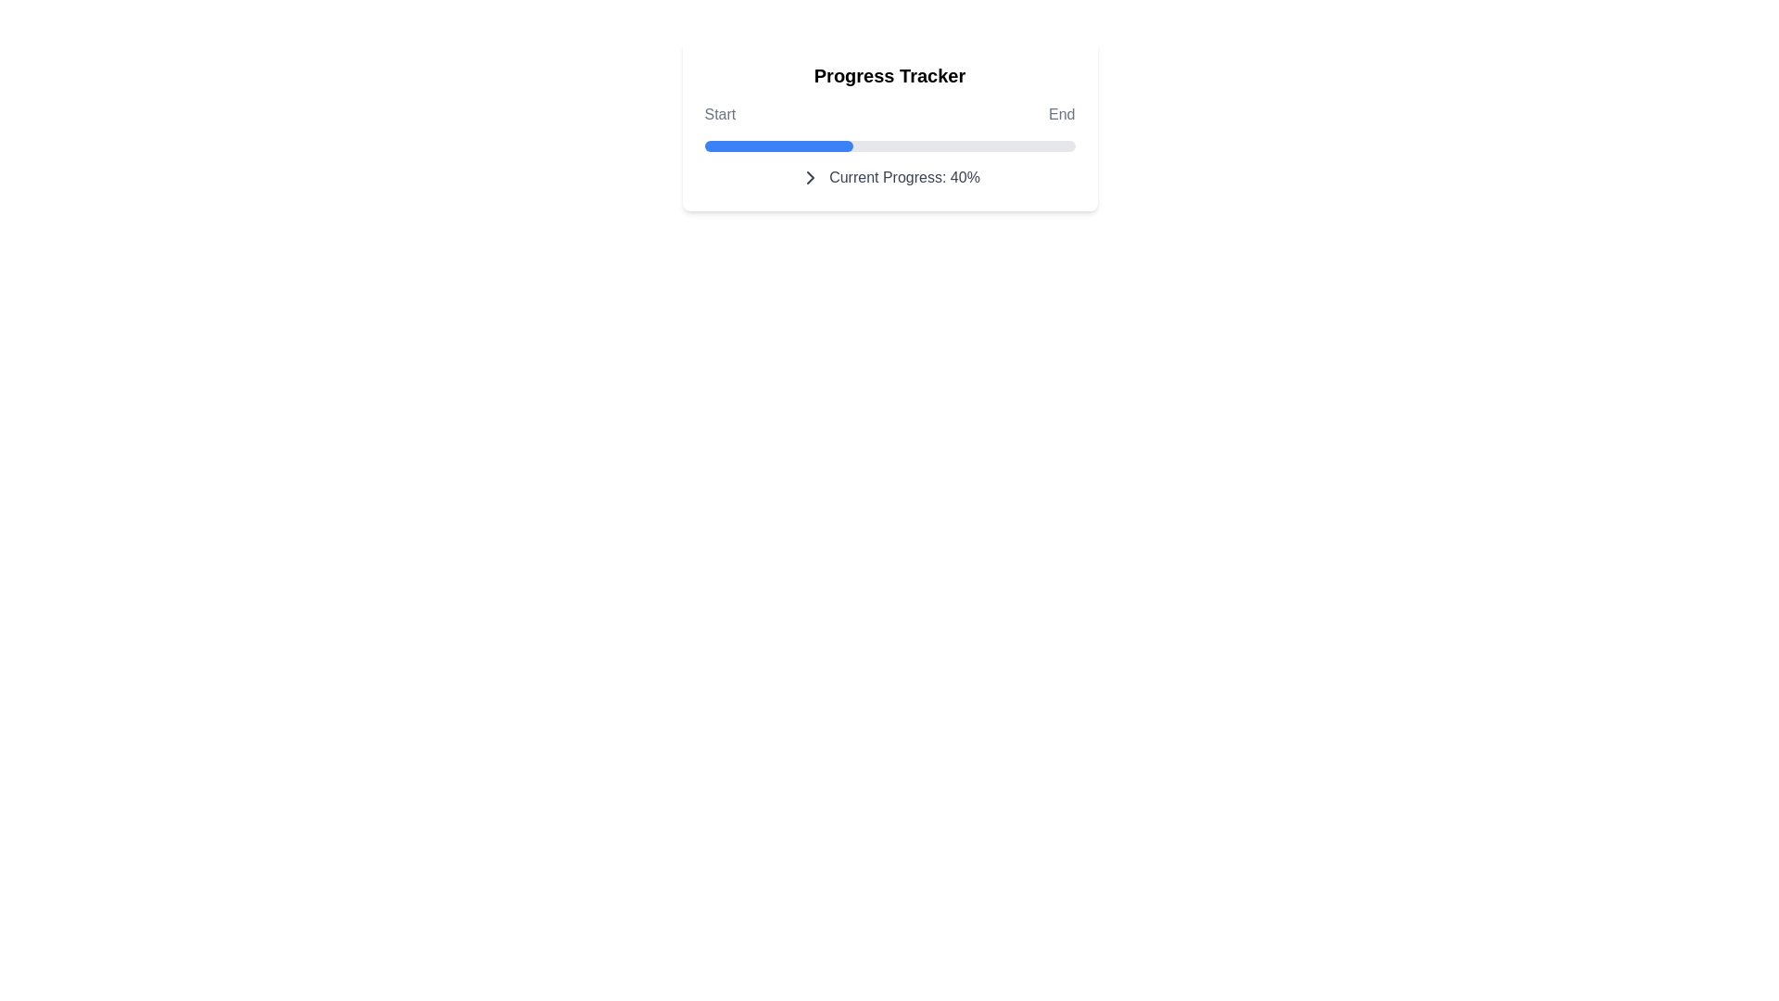 This screenshot has width=1779, height=1001. What do you see at coordinates (811, 178) in the screenshot?
I see `the chevron icon to interact with it` at bounding box center [811, 178].